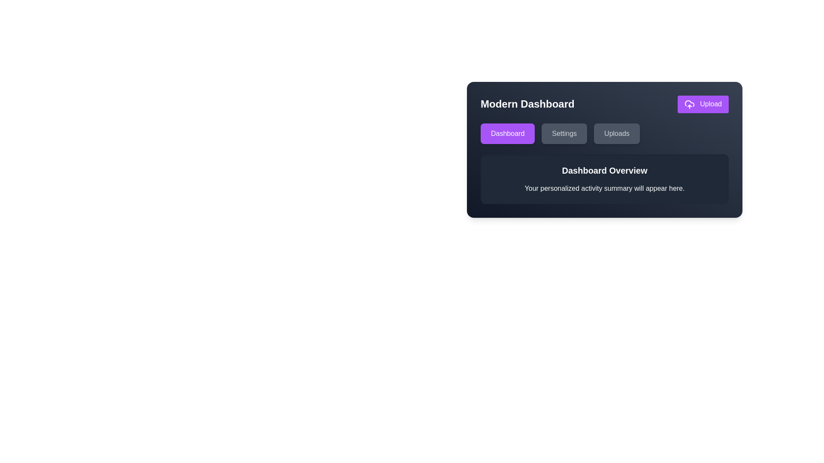 The height and width of the screenshot is (463, 824). I want to click on the upload icon located within the purple 'Upload' button at the top-right corner of the 'Modern Dashboard' card, so click(689, 104).